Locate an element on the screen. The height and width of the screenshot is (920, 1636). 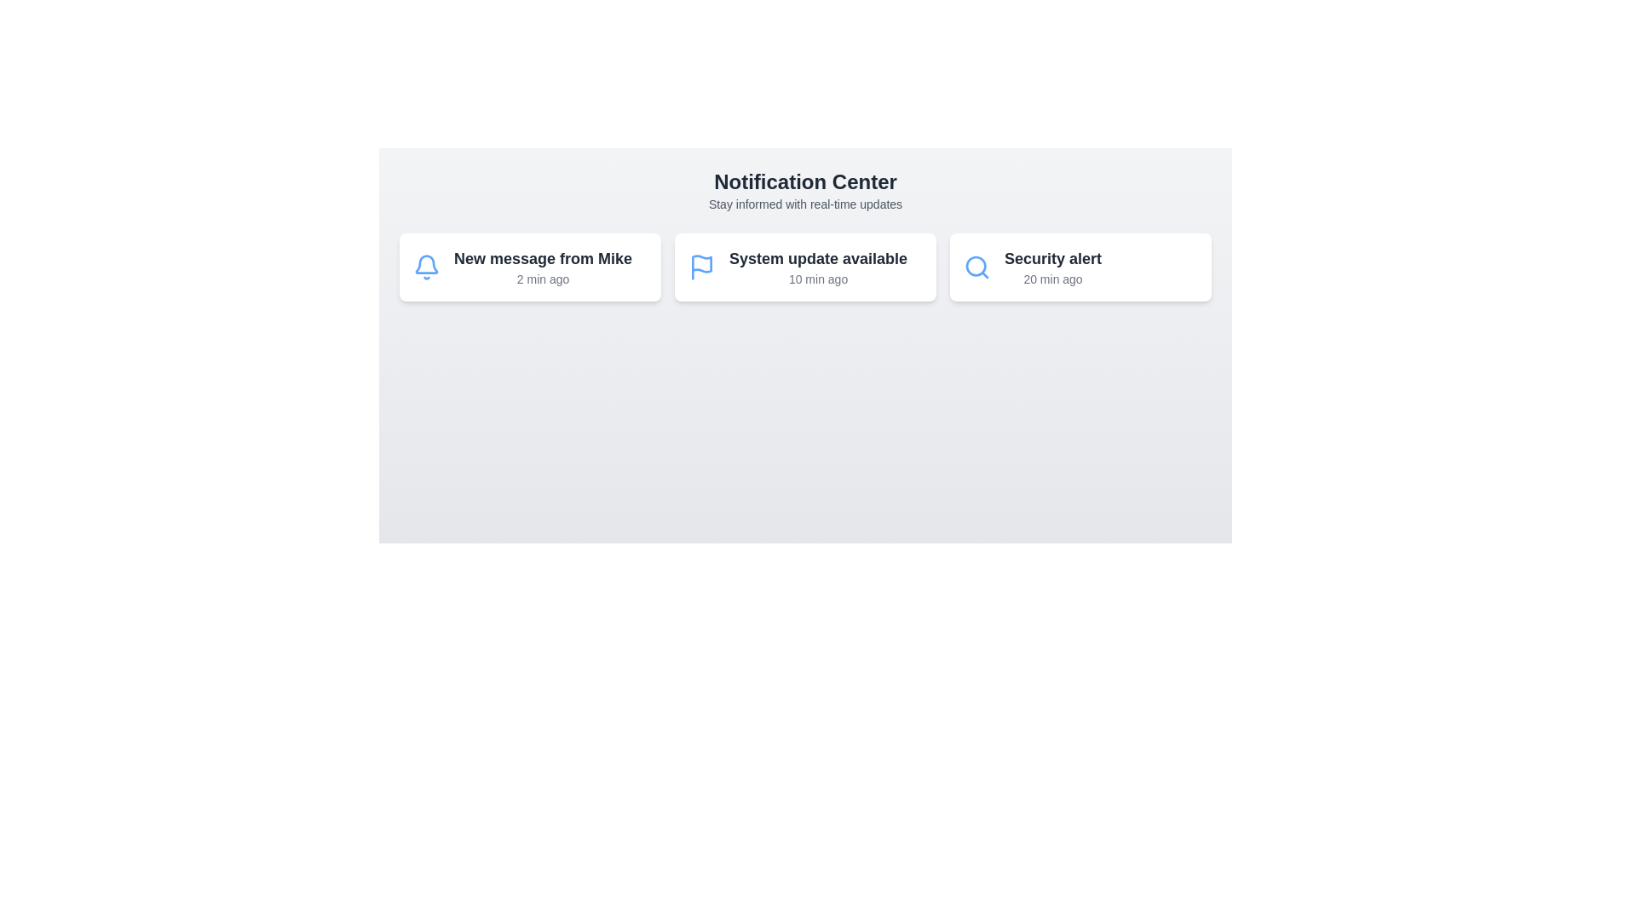
text of the headline in the first notification box, which summarizes the alert or message contents as 'New message from Mike' is located at coordinates (542, 259).